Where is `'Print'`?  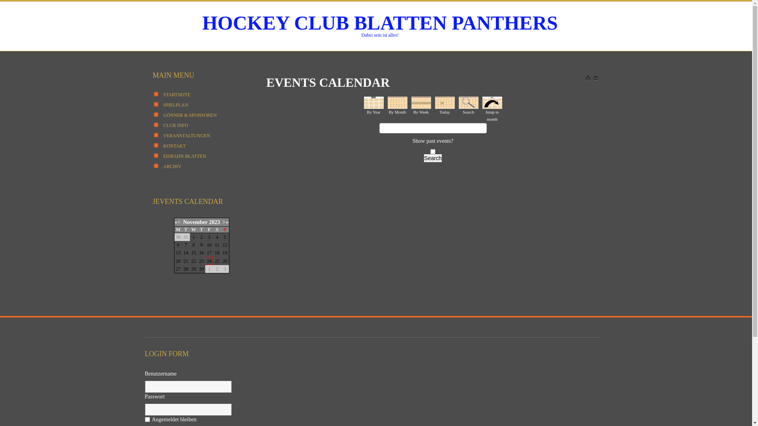 'Print' is located at coordinates (588, 78).